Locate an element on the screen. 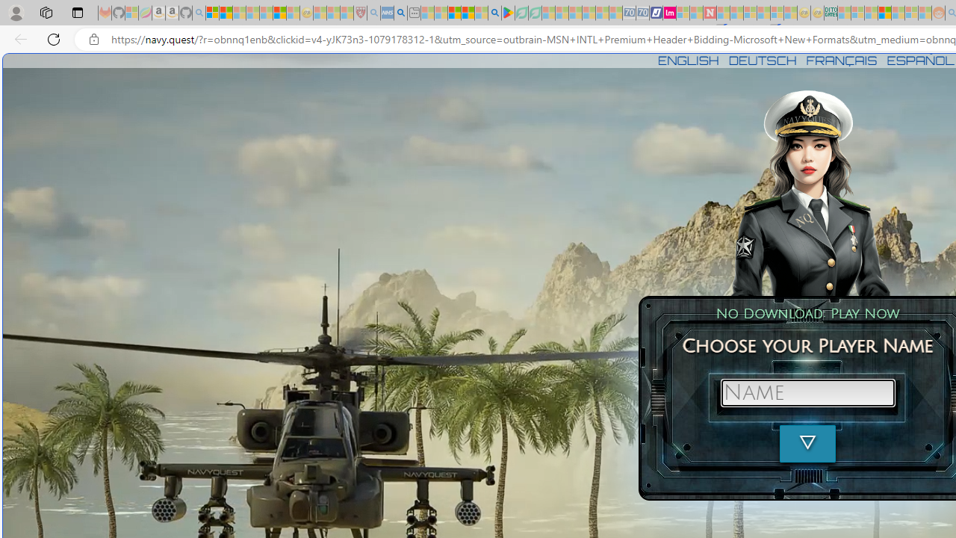 This screenshot has width=956, height=538. 'Jobs - lastminute.com Investor Portal' is located at coordinates (668, 13).